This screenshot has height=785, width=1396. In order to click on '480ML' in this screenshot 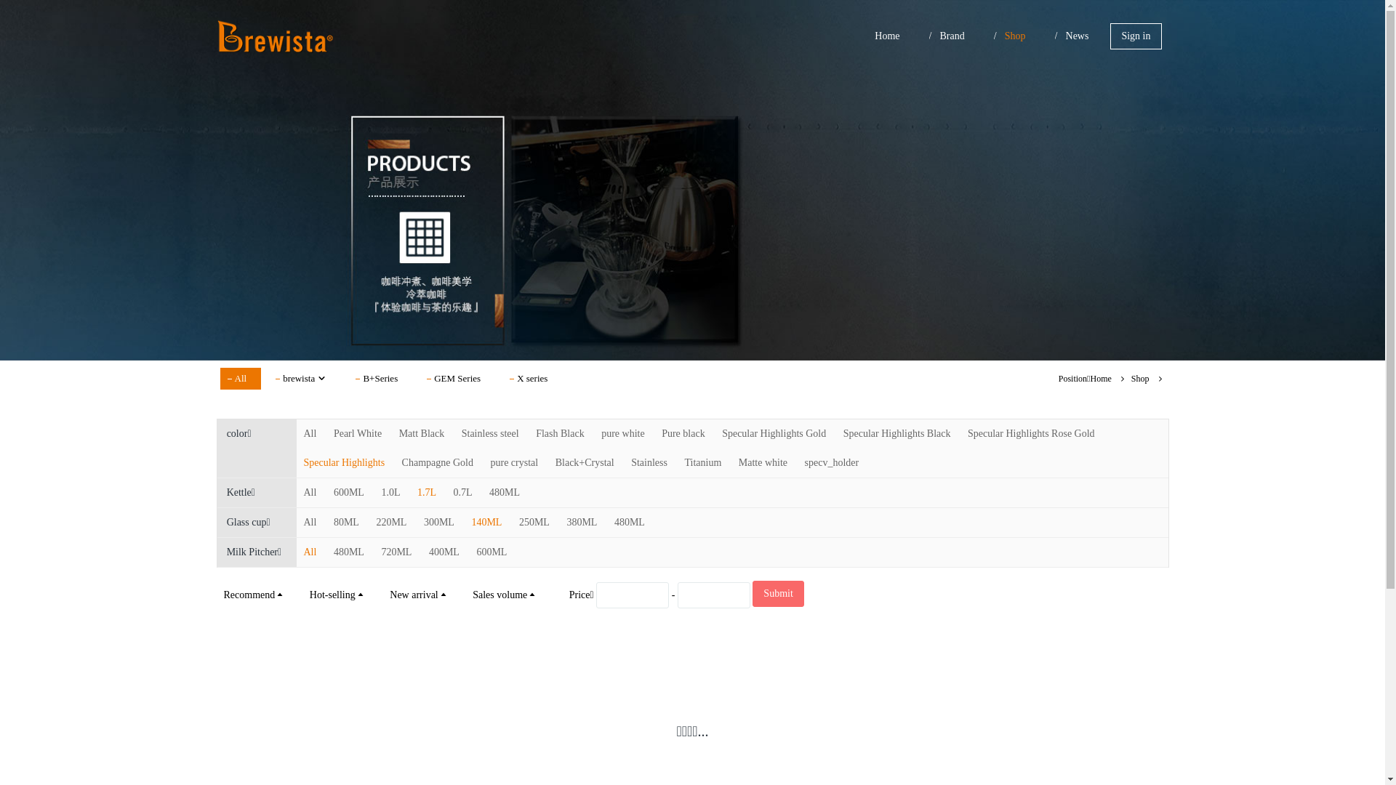, I will do `click(505, 491)`.